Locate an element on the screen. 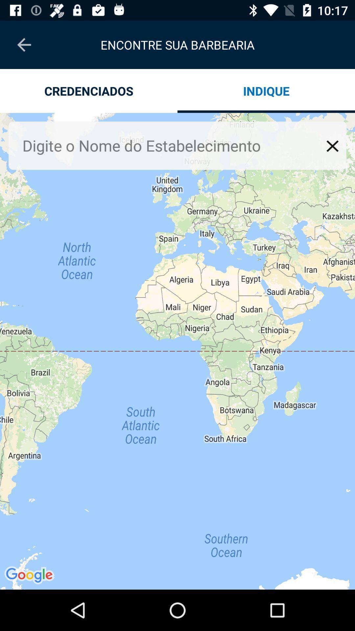  clear search is located at coordinates (332, 146).